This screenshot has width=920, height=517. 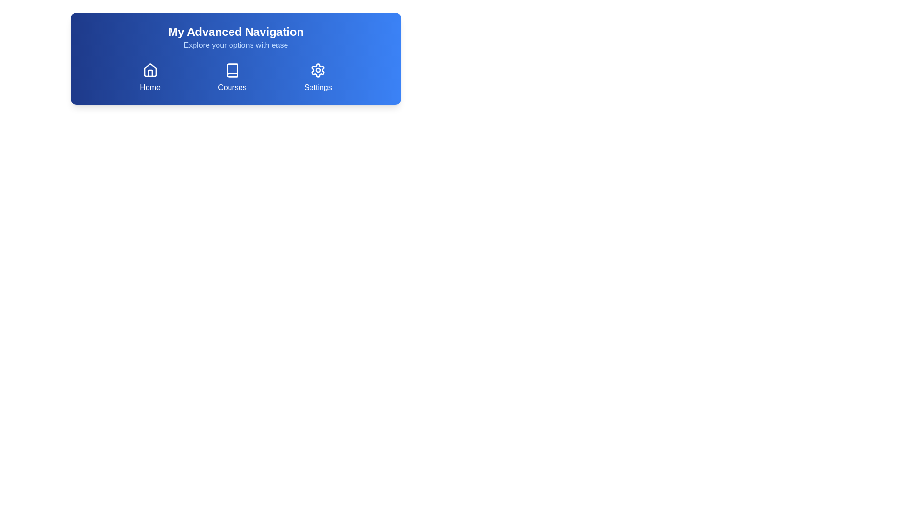 What do you see at coordinates (149, 77) in the screenshot?
I see `the 'Home' navigational button located at the leftmost position in the horizontal navigation bar` at bounding box center [149, 77].